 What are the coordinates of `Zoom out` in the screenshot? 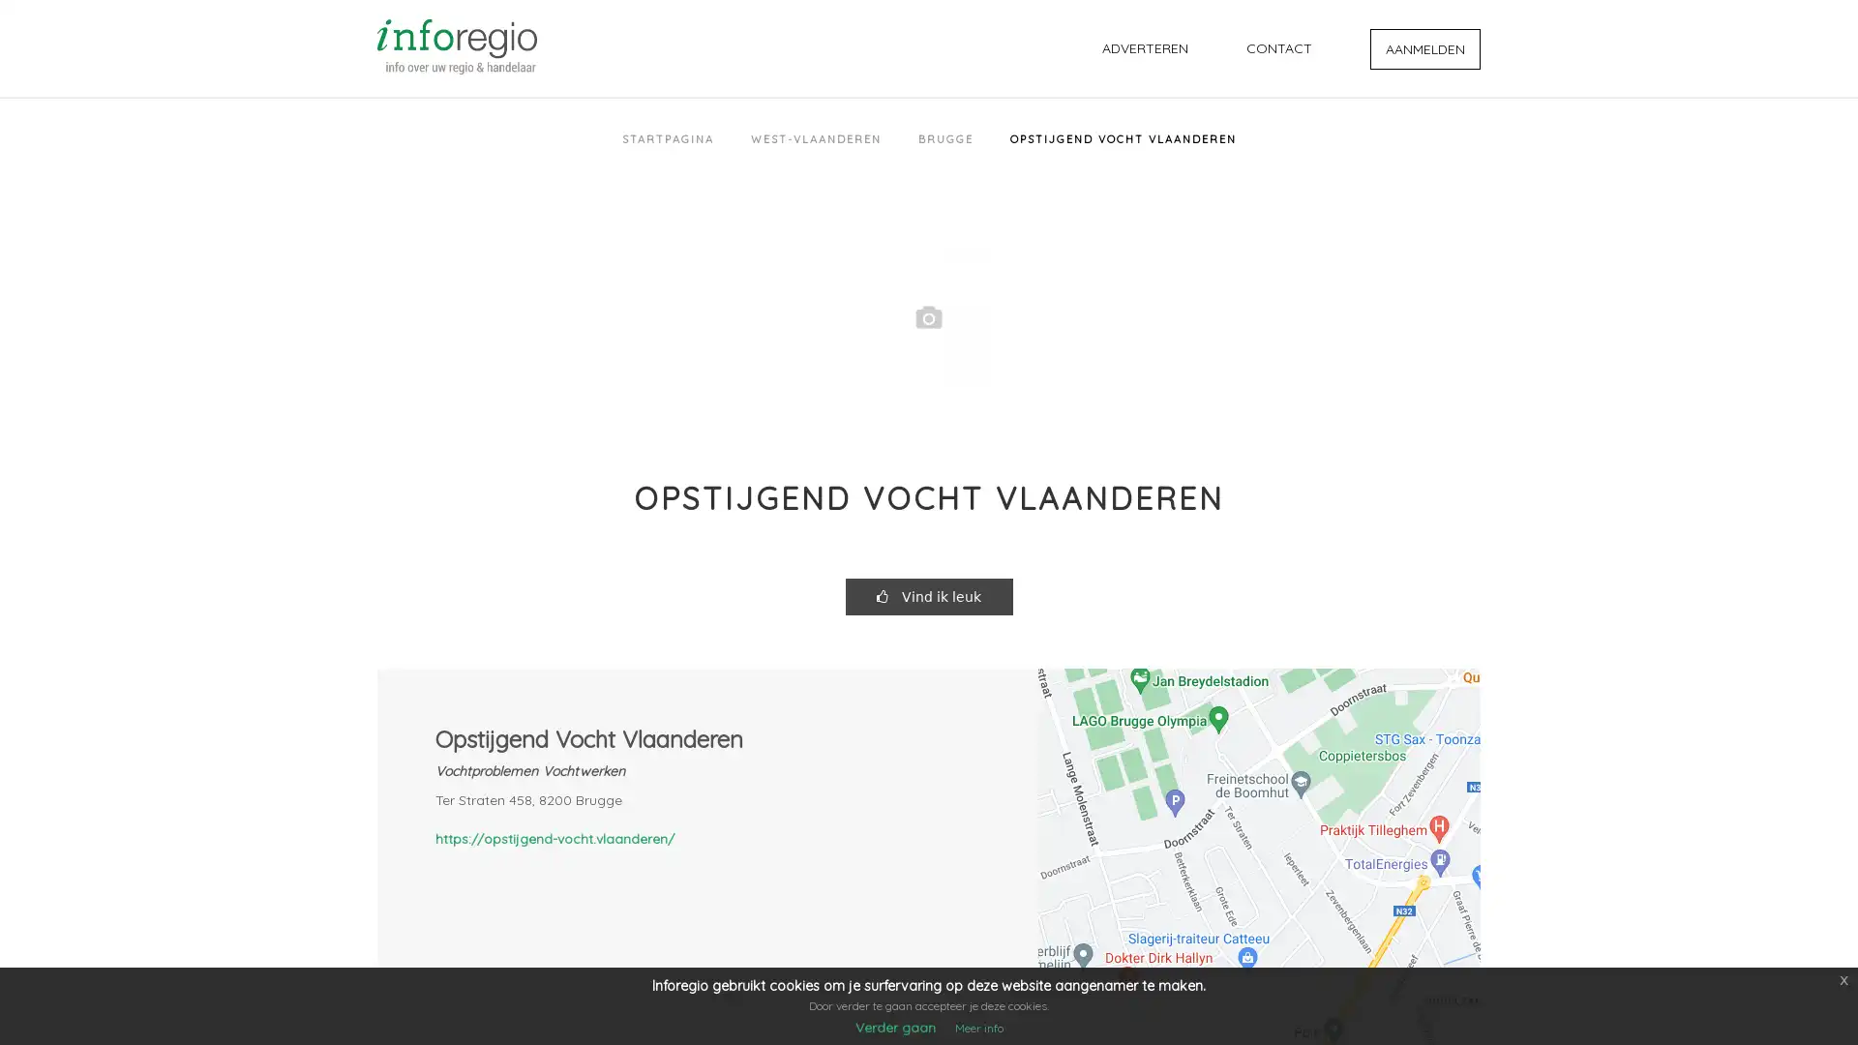 It's located at (1451, 1010).